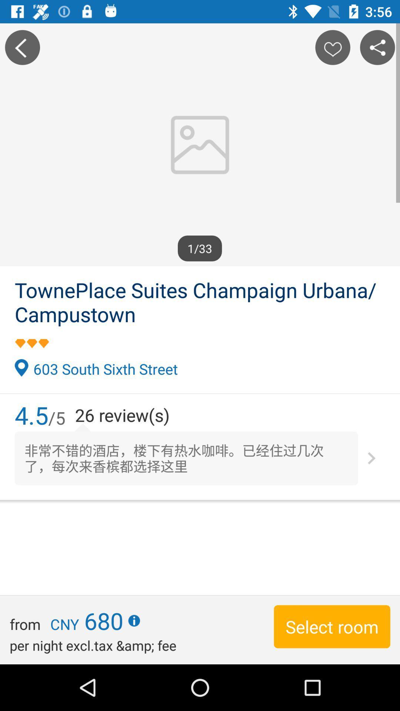 The width and height of the screenshot is (400, 711). Describe the element at coordinates (332, 47) in the screenshot. I see `like` at that location.